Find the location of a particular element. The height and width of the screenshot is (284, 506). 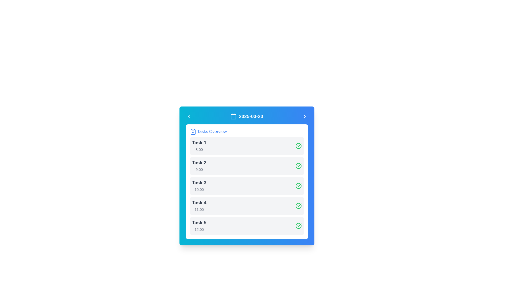

the SVG icon representing the completion status of 'Task 3' located at the far-right side of its row for additional options is located at coordinates (298, 185).